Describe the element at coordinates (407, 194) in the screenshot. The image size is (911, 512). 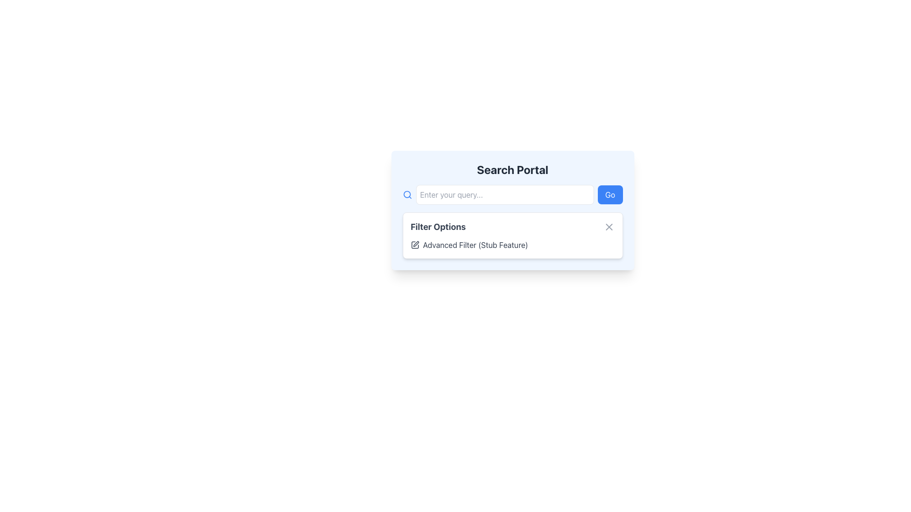
I see `the Graphic element that is part of the Search icon located to the left of the text input box` at that location.